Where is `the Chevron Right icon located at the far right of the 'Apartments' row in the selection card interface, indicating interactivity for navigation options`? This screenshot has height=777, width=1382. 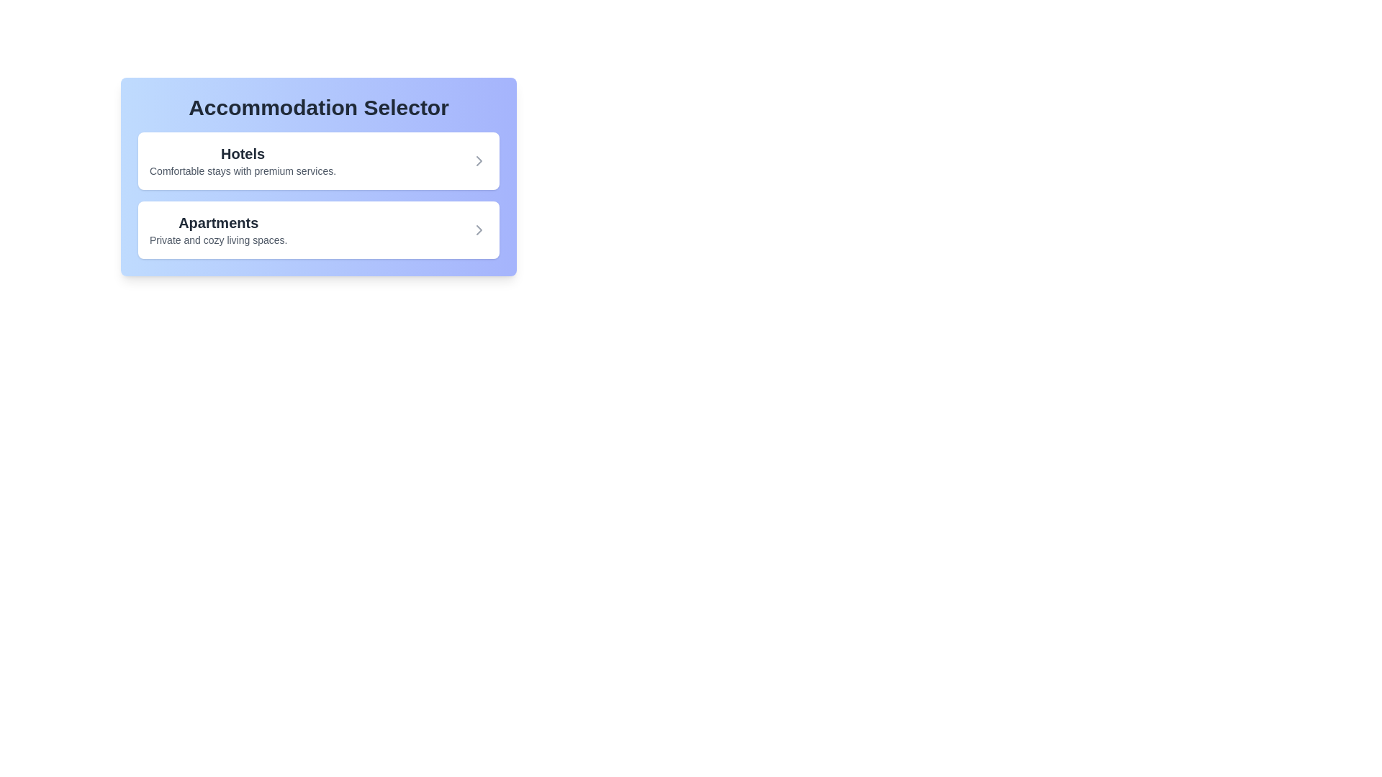 the Chevron Right icon located at the far right of the 'Apartments' row in the selection card interface, indicating interactivity for navigation options is located at coordinates (479, 230).